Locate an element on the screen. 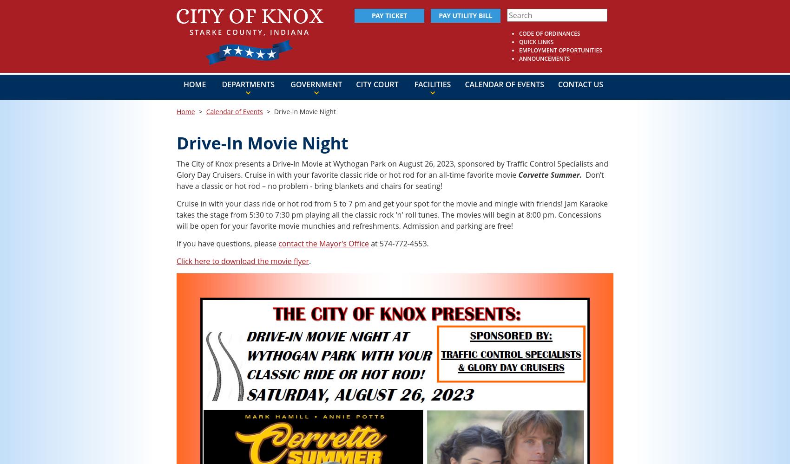 The height and width of the screenshot is (464, 790). 'contact the Mayor's Office' is located at coordinates (323, 244).